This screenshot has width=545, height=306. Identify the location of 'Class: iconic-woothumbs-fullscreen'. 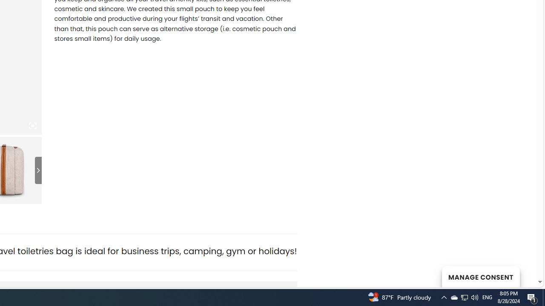
(32, 126).